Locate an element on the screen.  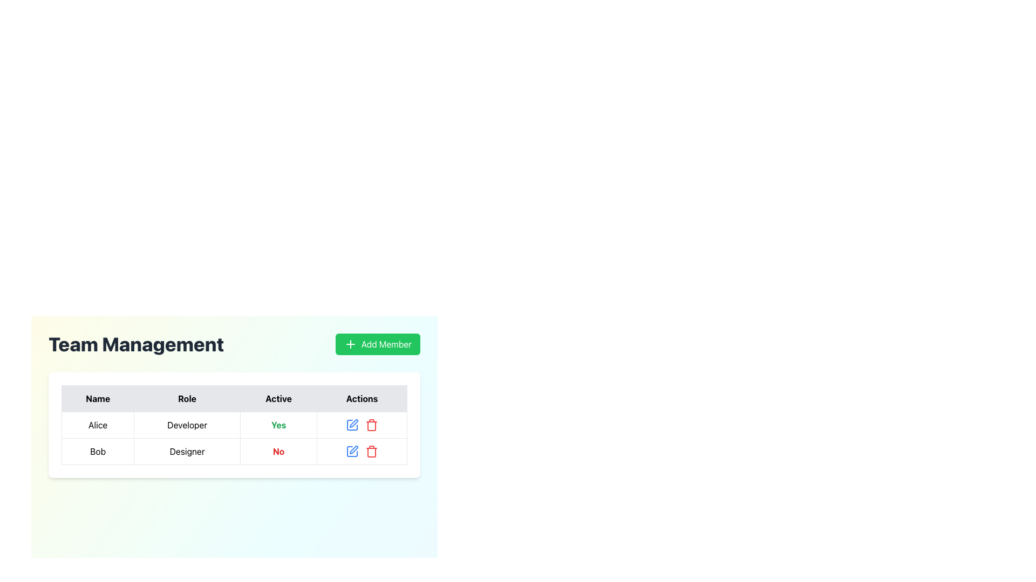
the Iconographic component of the trash bin illustration, which represents the body of the trash bin and suggests the 'delete' functionality is located at coordinates (372, 425).